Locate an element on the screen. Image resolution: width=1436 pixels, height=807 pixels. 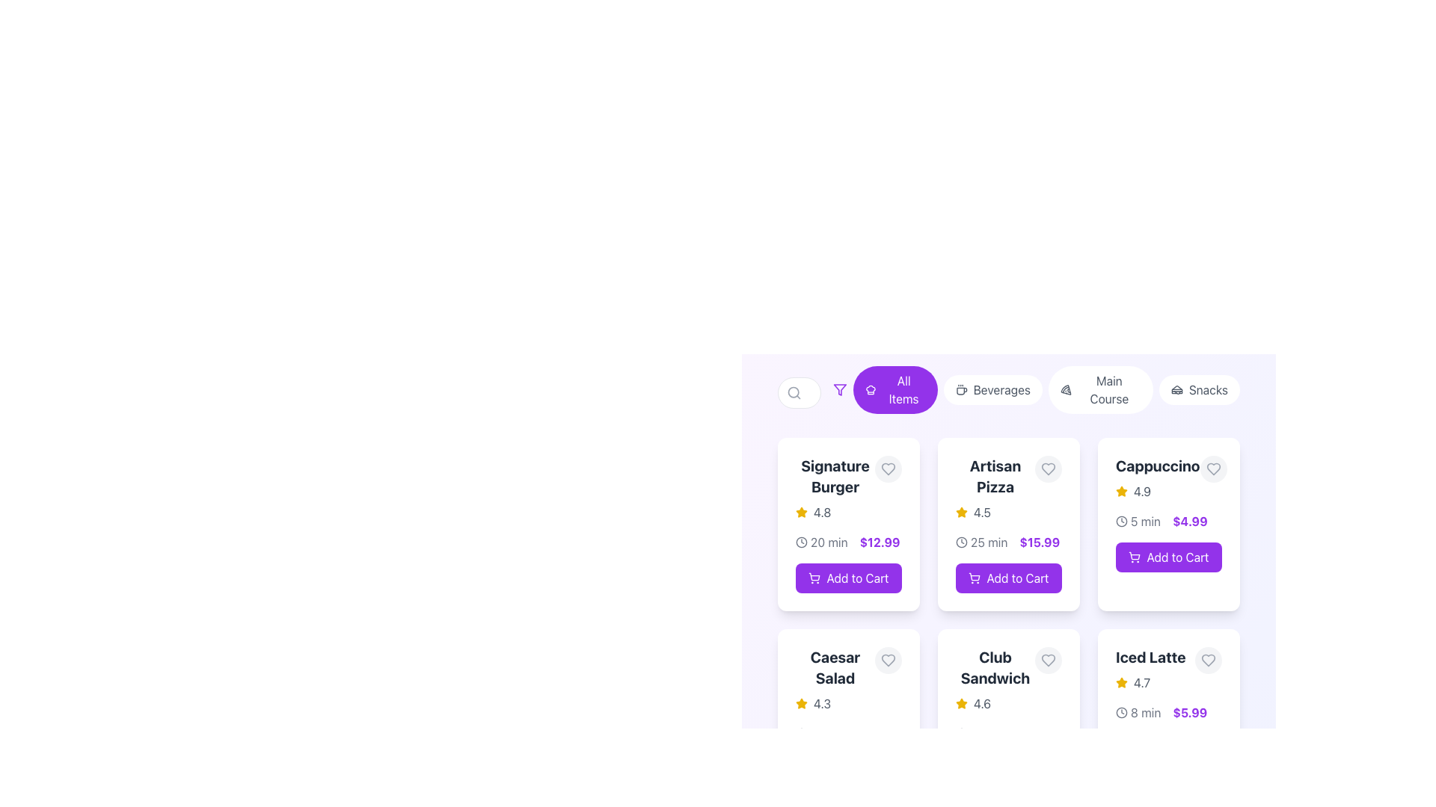
the yellow star-shaped icon indicating rating or feedback, located in the second row, first column of the grid of items is located at coordinates (800, 511).